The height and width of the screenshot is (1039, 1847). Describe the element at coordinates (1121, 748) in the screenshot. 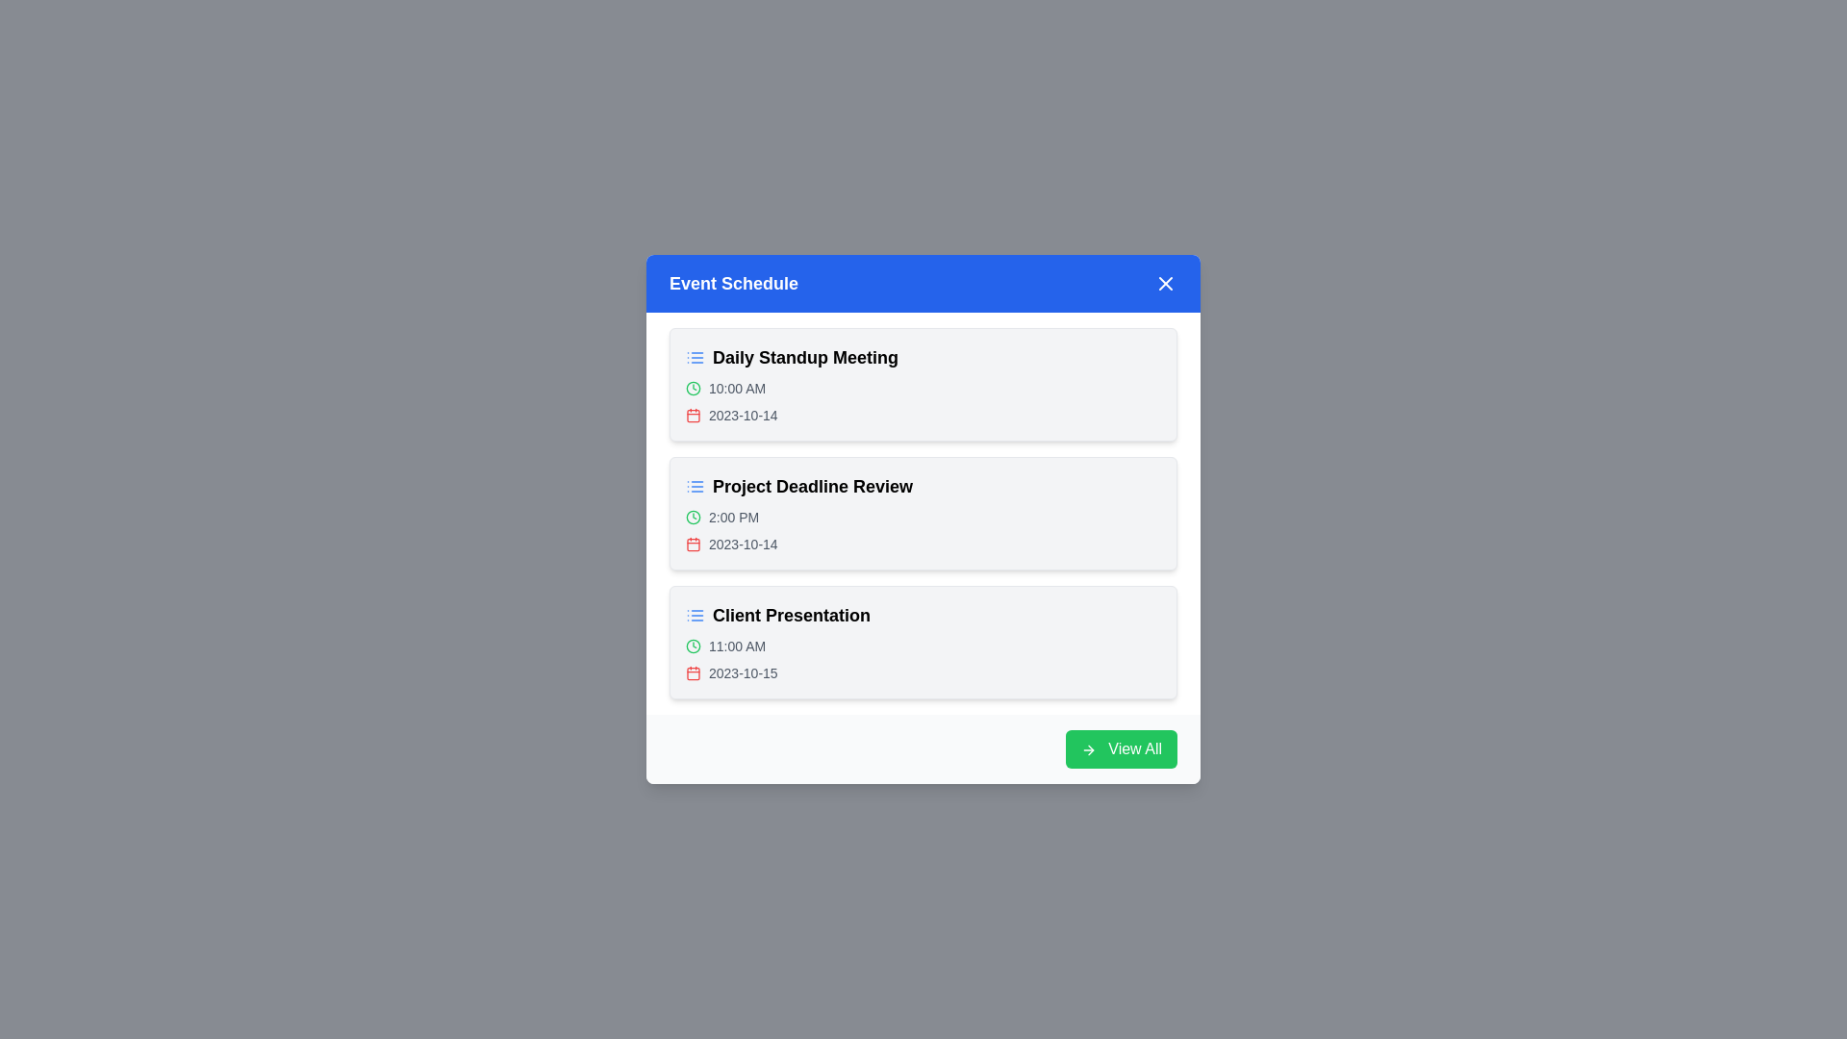

I see `the bright green rectangular button labeled 'View All' located in the bottom-right corner of the card` at that location.